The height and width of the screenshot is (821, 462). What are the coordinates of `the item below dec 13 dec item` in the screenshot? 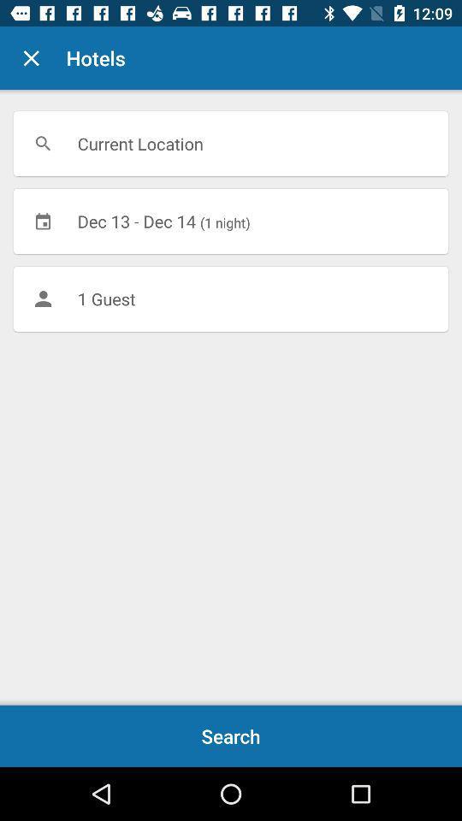 It's located at (231, 298).